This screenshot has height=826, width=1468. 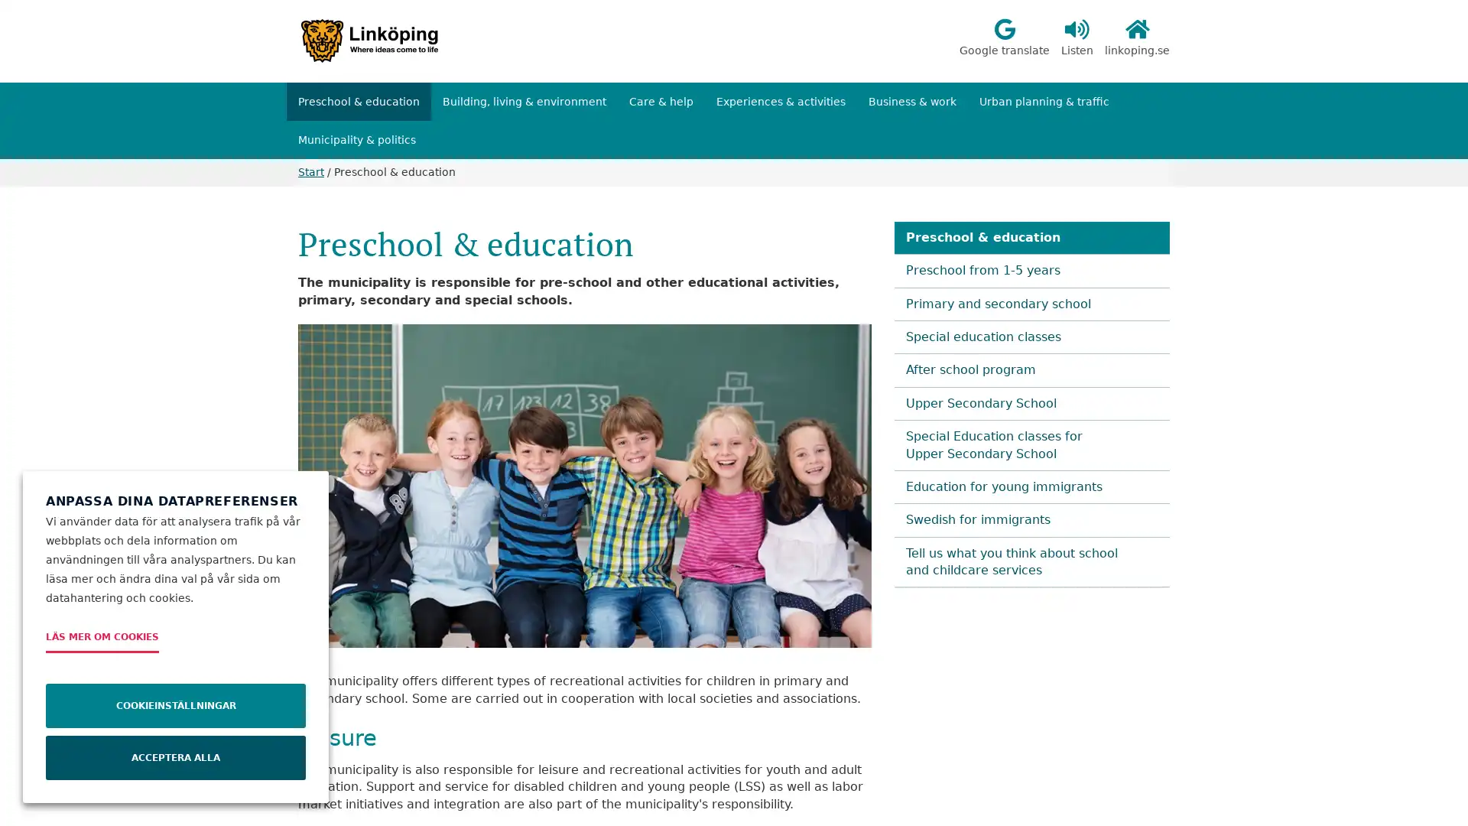 I want to click on COOKIEINSTALLNINGAR, so click(x=176, y=705).